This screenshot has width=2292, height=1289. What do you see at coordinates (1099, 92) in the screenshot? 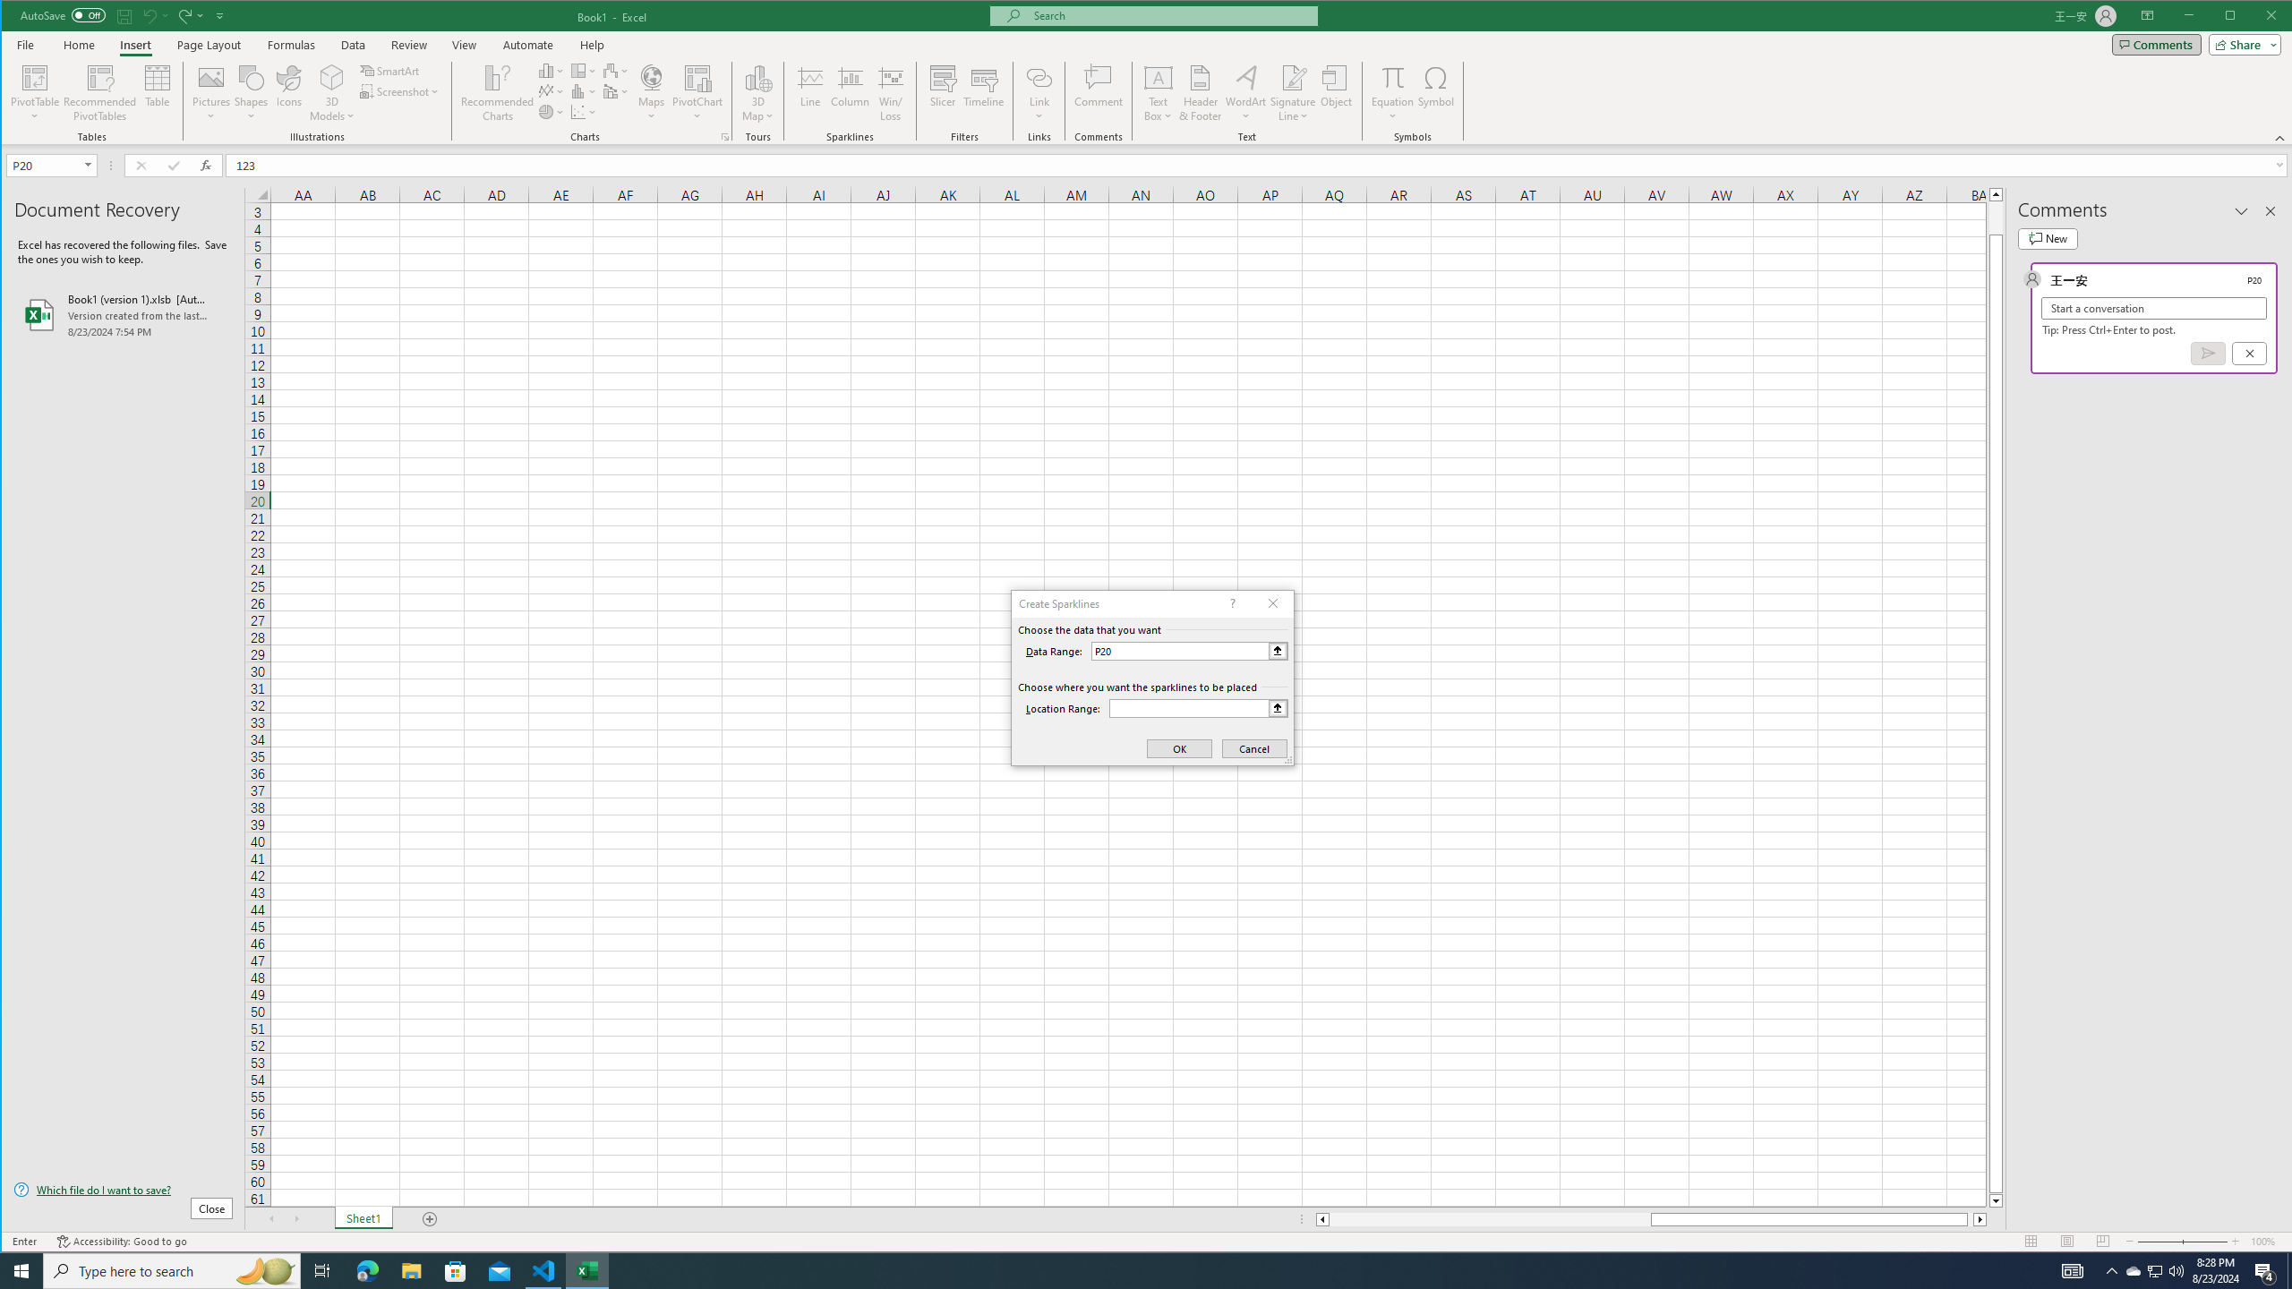
I see `'Comment'` at bounding box center [1099, 92].